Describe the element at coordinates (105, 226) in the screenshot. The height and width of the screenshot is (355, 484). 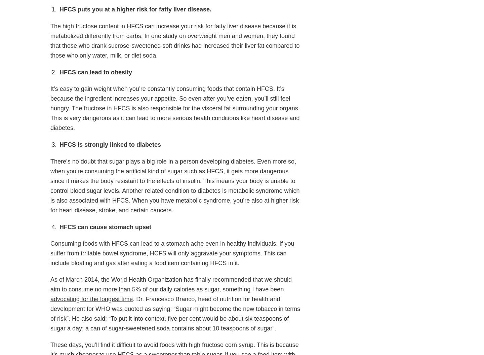
I see `'HFCS can cause stomach upset'` at that location.